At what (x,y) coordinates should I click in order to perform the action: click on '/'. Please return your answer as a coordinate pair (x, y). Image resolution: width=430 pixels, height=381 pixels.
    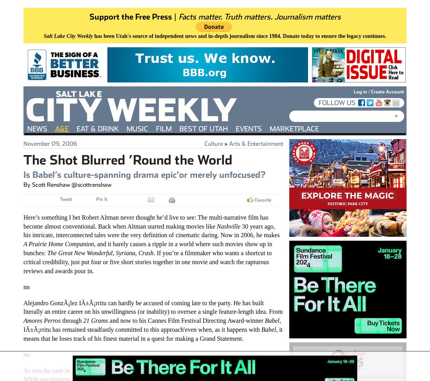
    Looking at the image, I should click on (367, 91).